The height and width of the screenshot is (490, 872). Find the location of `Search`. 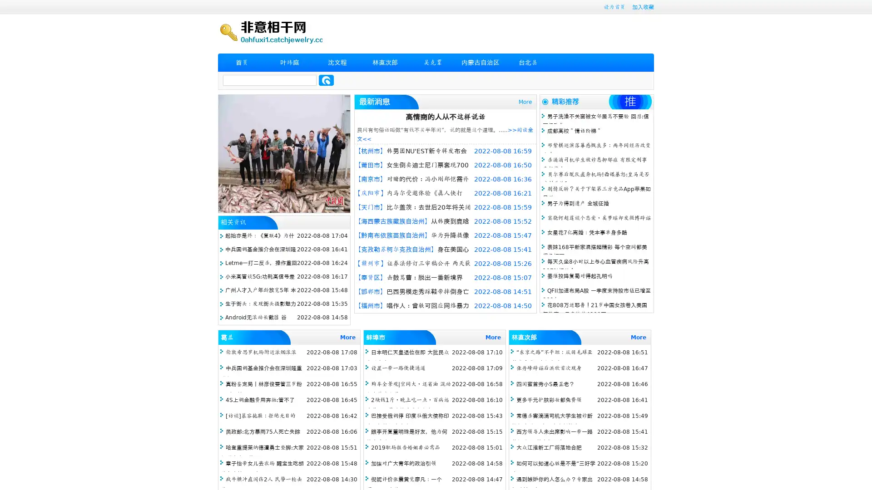

Search is located at coordinates (326, 80).